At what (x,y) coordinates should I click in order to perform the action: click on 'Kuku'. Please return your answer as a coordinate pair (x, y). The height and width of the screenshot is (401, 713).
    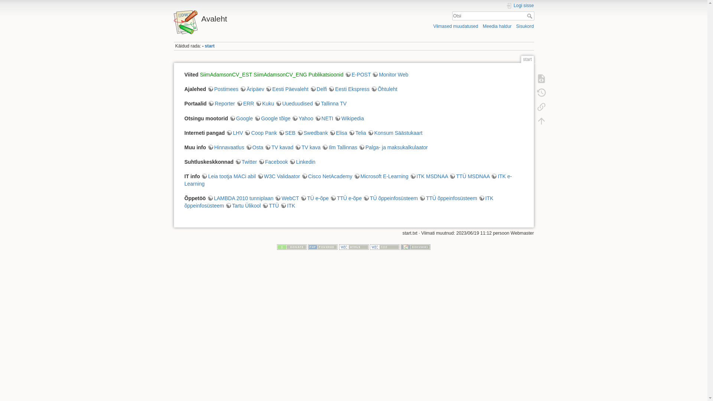
    Looking at the image, I should click on (265, 103).